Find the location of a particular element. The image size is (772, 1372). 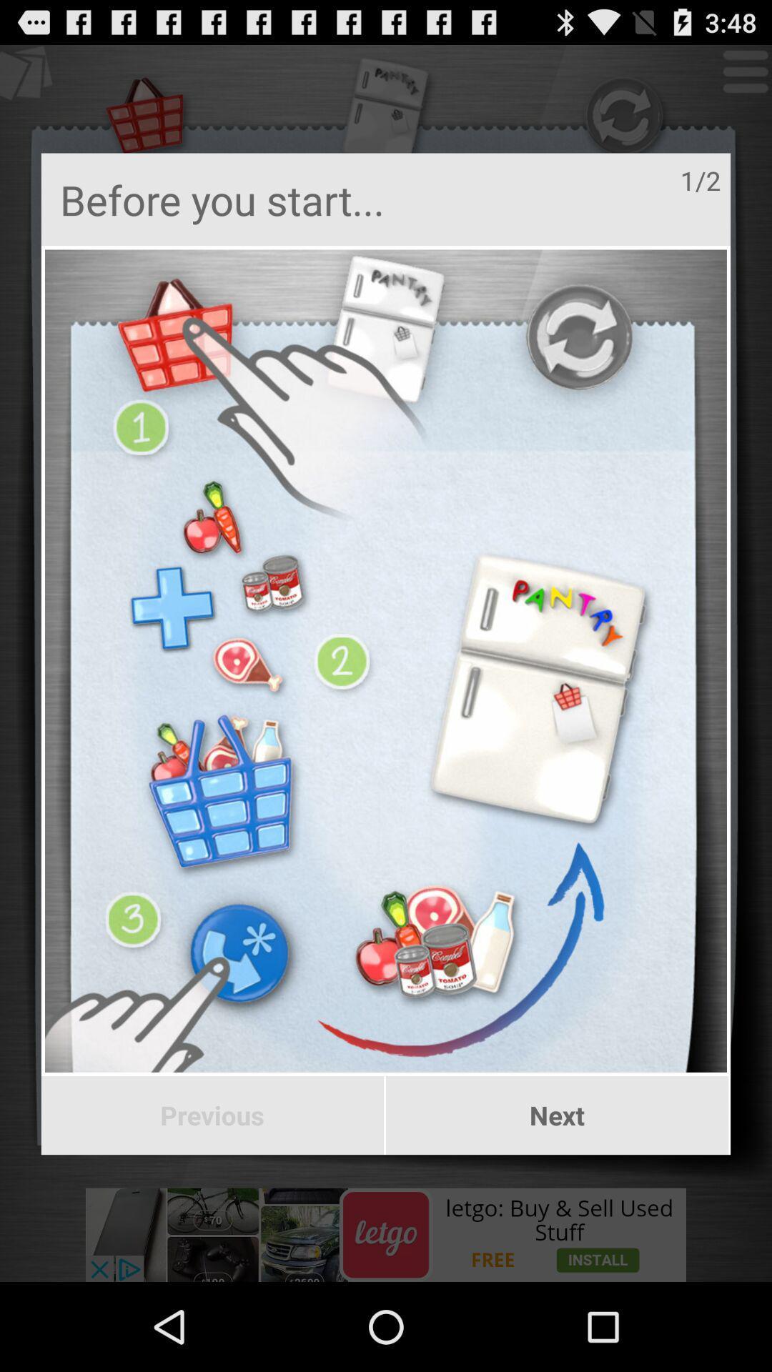

the previous icon is located at coordinates (212, 1115).